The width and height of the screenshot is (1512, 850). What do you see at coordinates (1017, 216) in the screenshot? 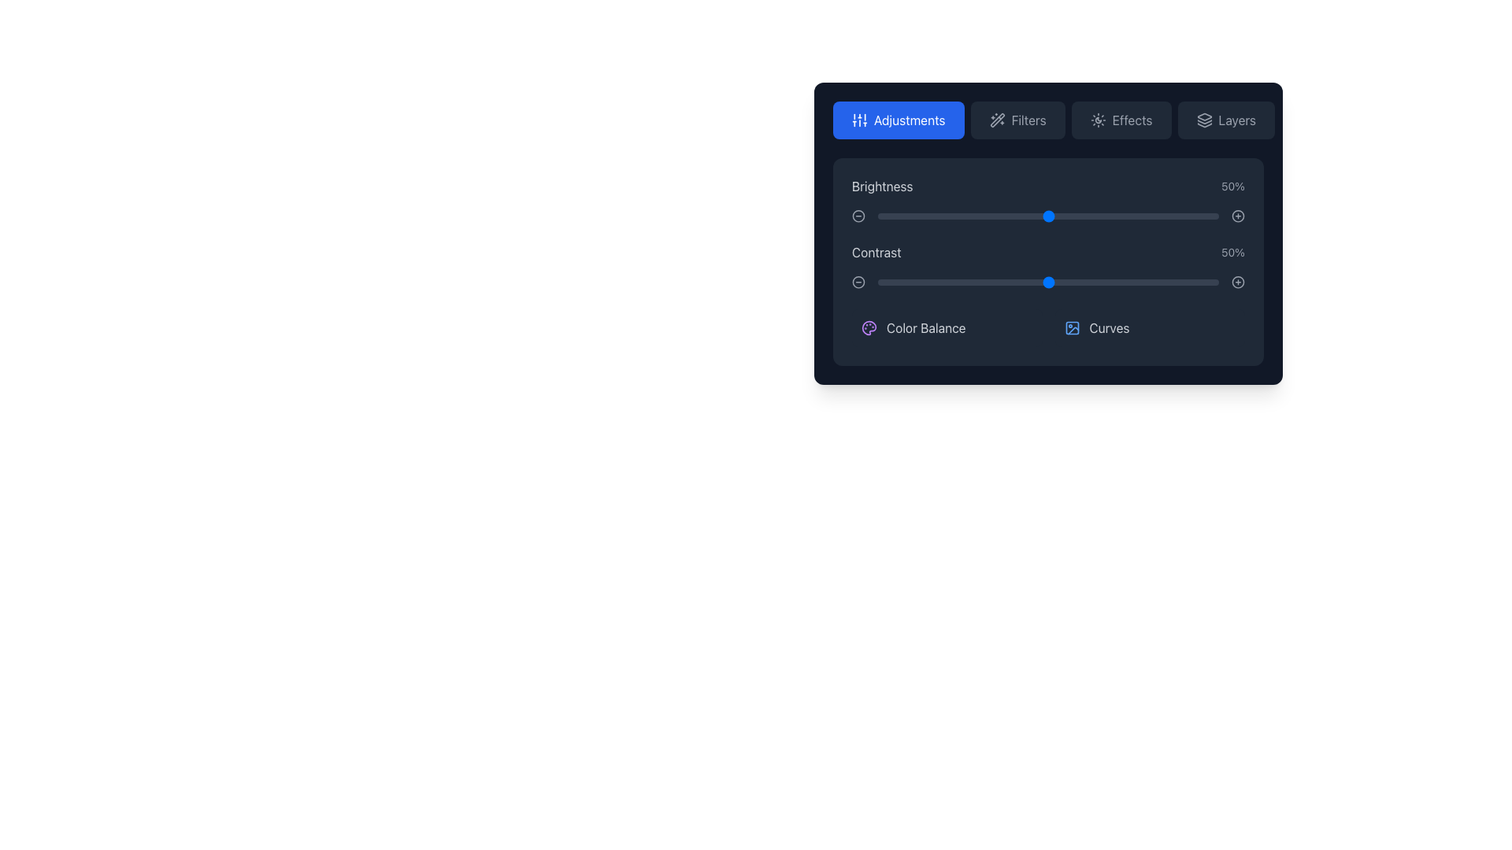
I see `brightness` at bounding box center [1017, 216].